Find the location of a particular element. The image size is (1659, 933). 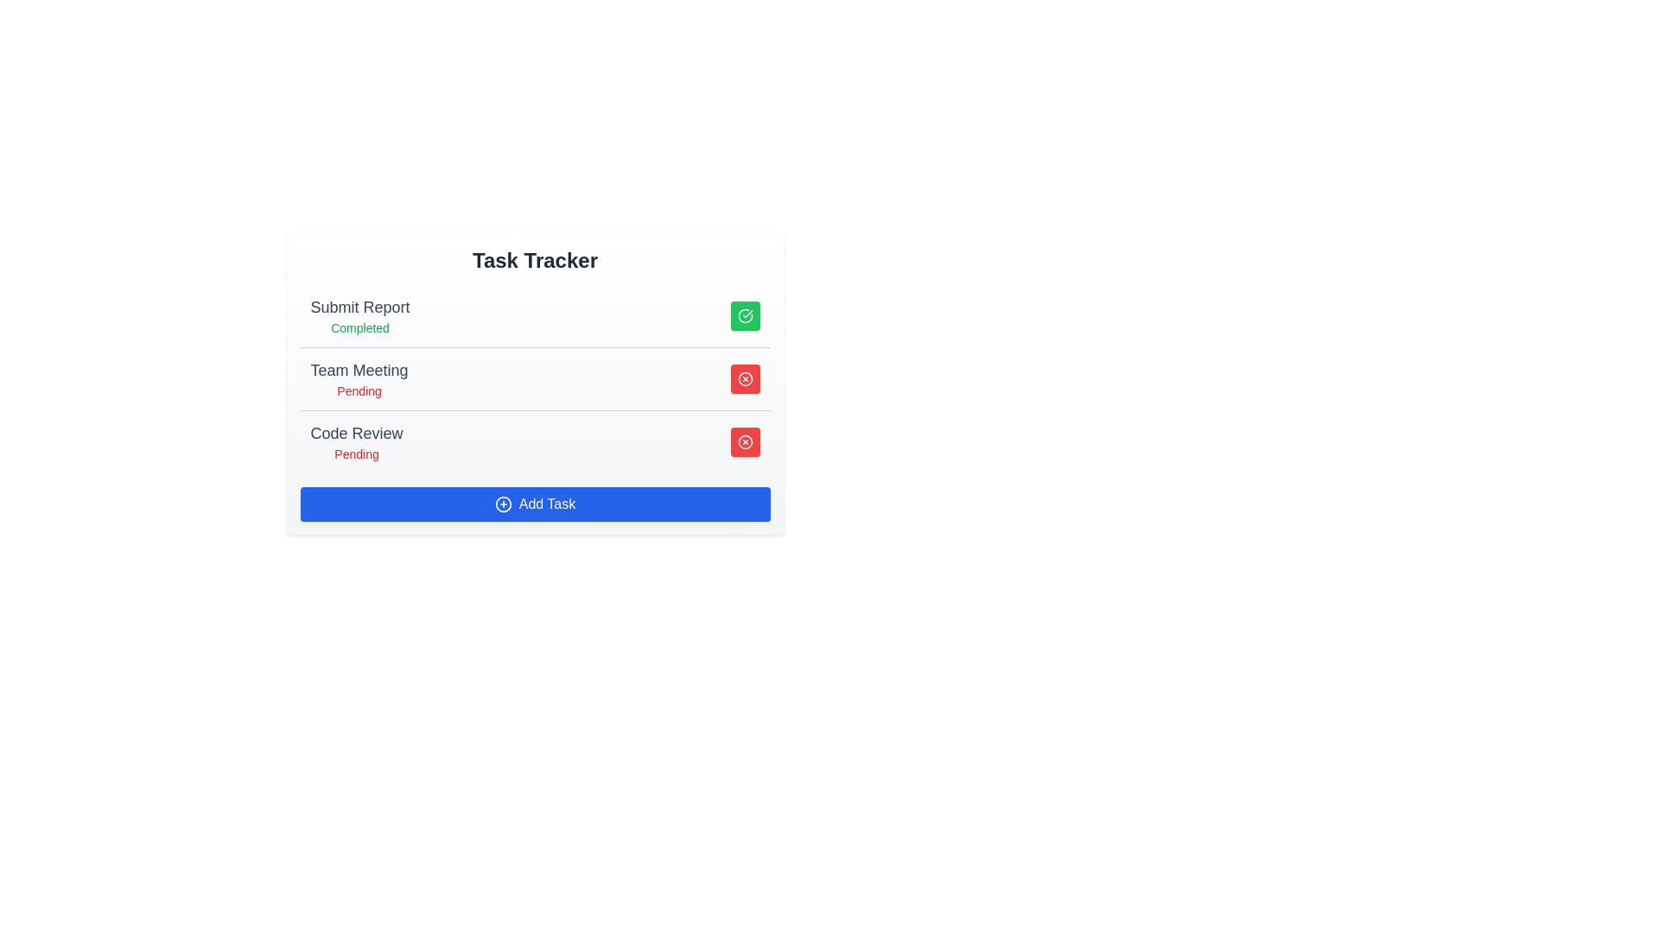

text from the Text Label that conveys the title of a specific task item, which is positioned above the 'Pending' label and below 'Submit Report' in the task tracker interface is located at coordinates (359, 369).